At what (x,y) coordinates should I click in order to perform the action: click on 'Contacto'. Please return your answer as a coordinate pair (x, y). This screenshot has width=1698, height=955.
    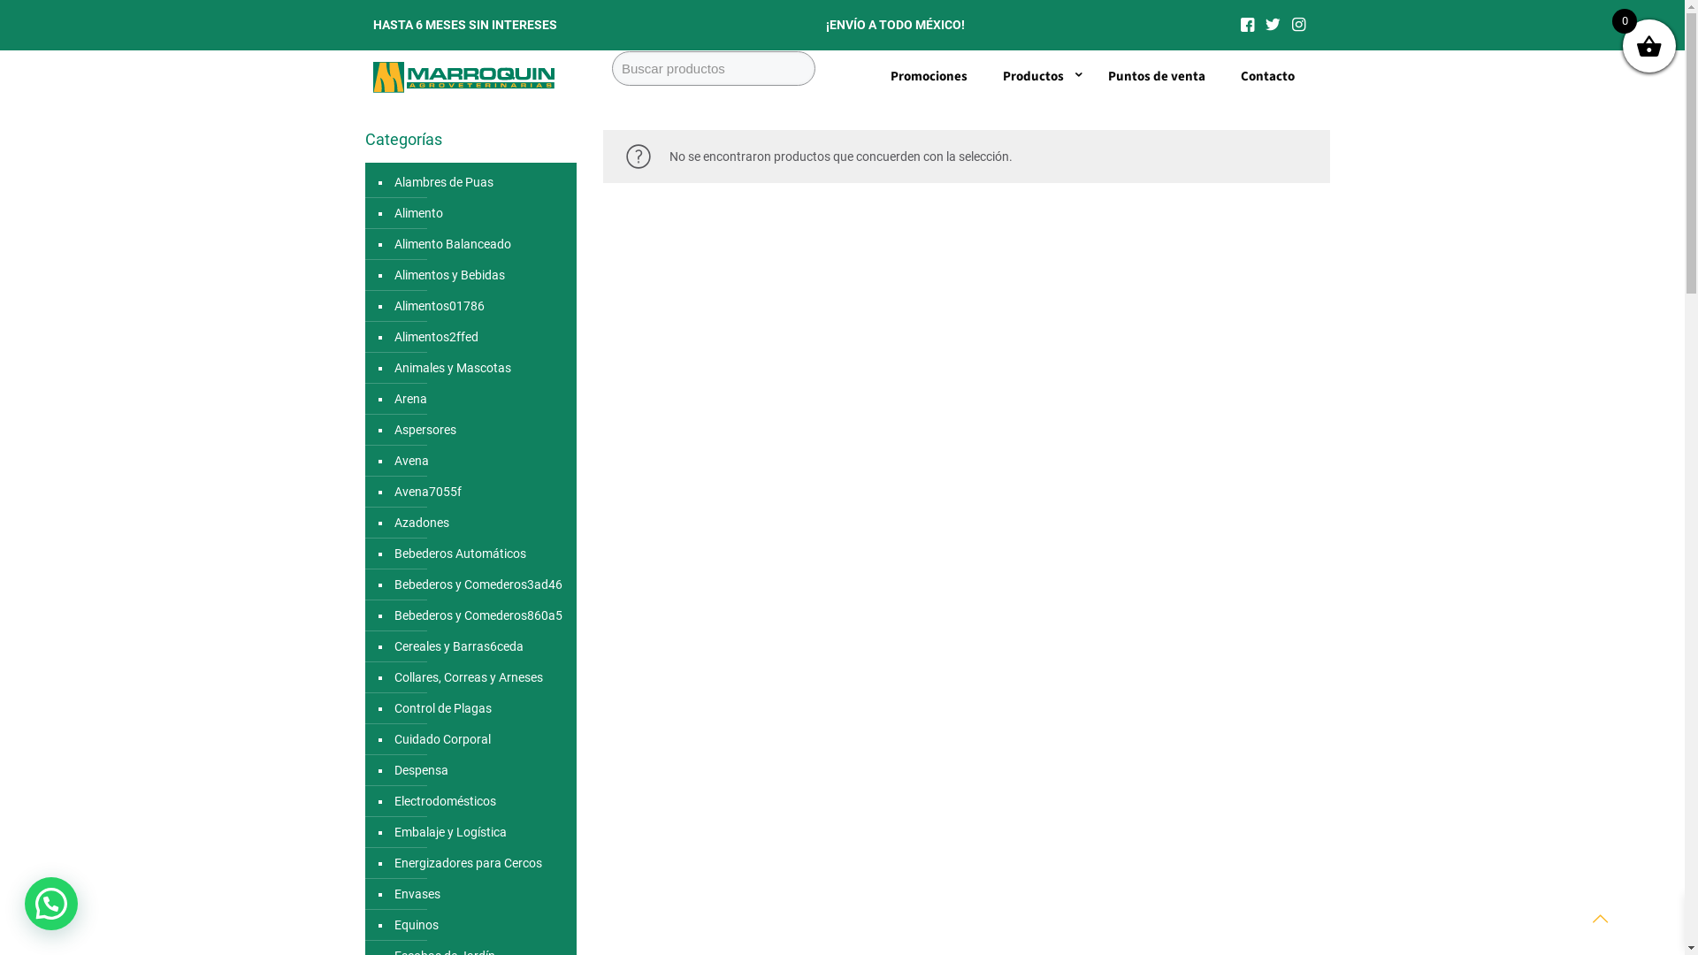
    Looking at the image, I should click on (1266, 76).